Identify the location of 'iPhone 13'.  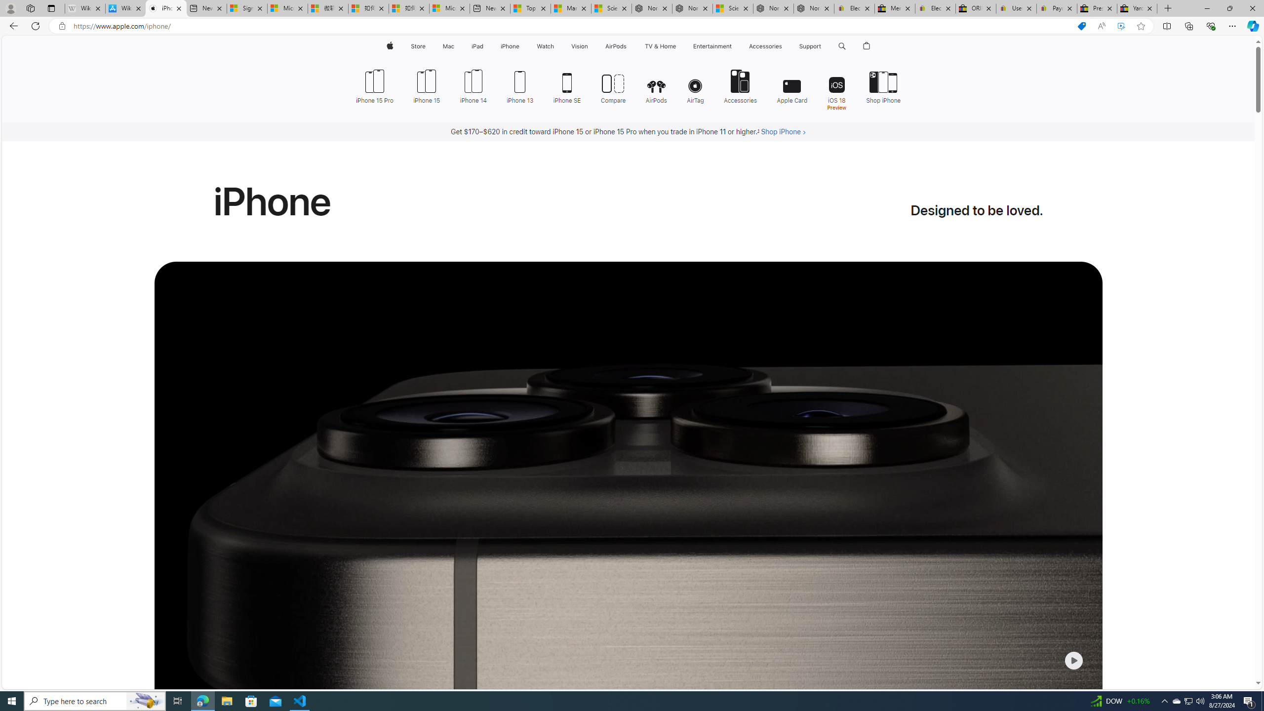
(519, 85).